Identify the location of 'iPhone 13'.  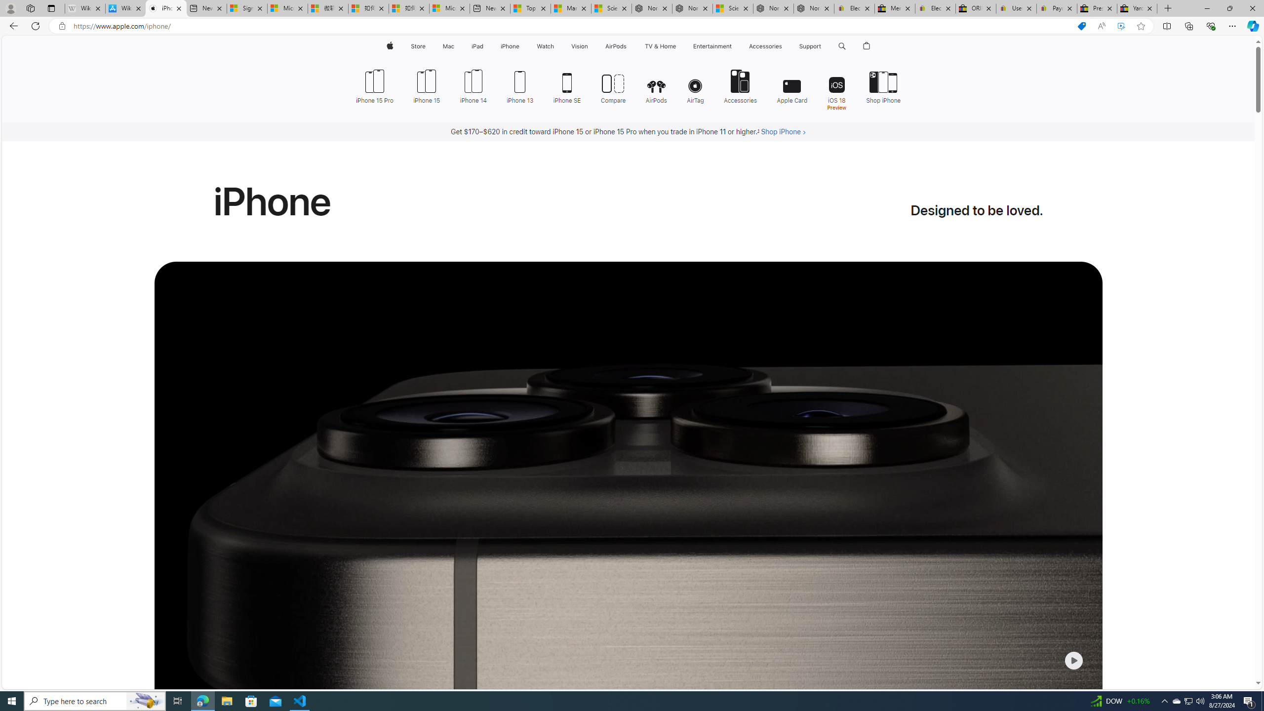
(519, 85).